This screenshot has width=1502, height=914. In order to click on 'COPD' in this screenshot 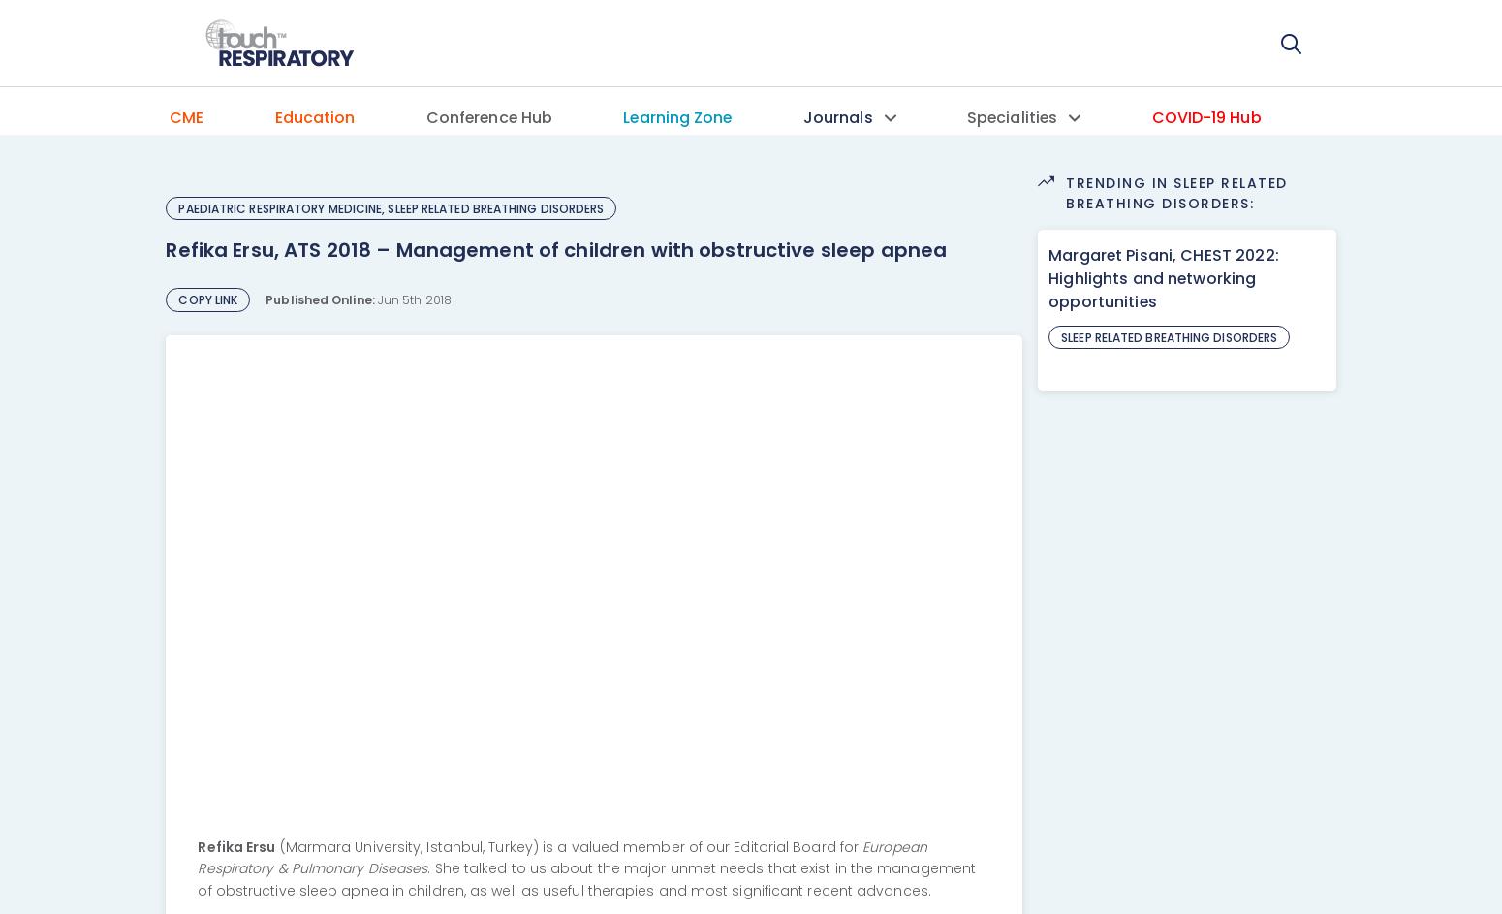, I will do `click(978, 188)`.